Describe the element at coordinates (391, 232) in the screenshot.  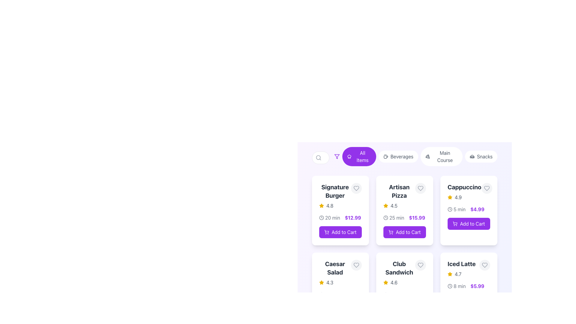
I see `the shopping cart icon located on the left side of the 'Add to Cart' button in the 'Artisan Pizza' card` at that location.